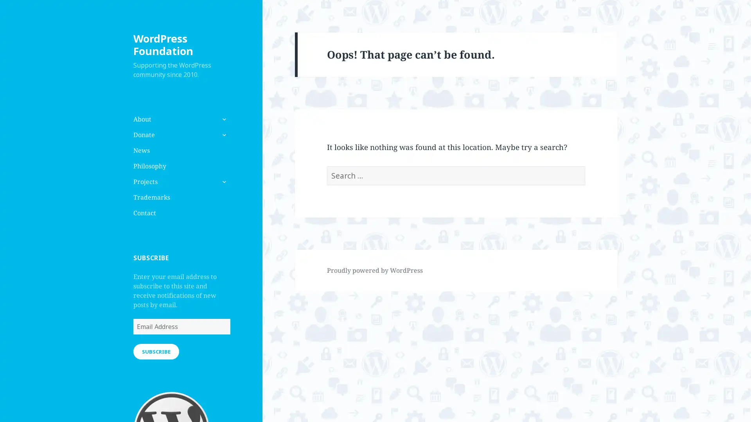 The image size is (751, 422). What do you see at coordinates (156, 350) in the screenshot?
I see `SUBSCRIBE` at bounding box center [156, 350].